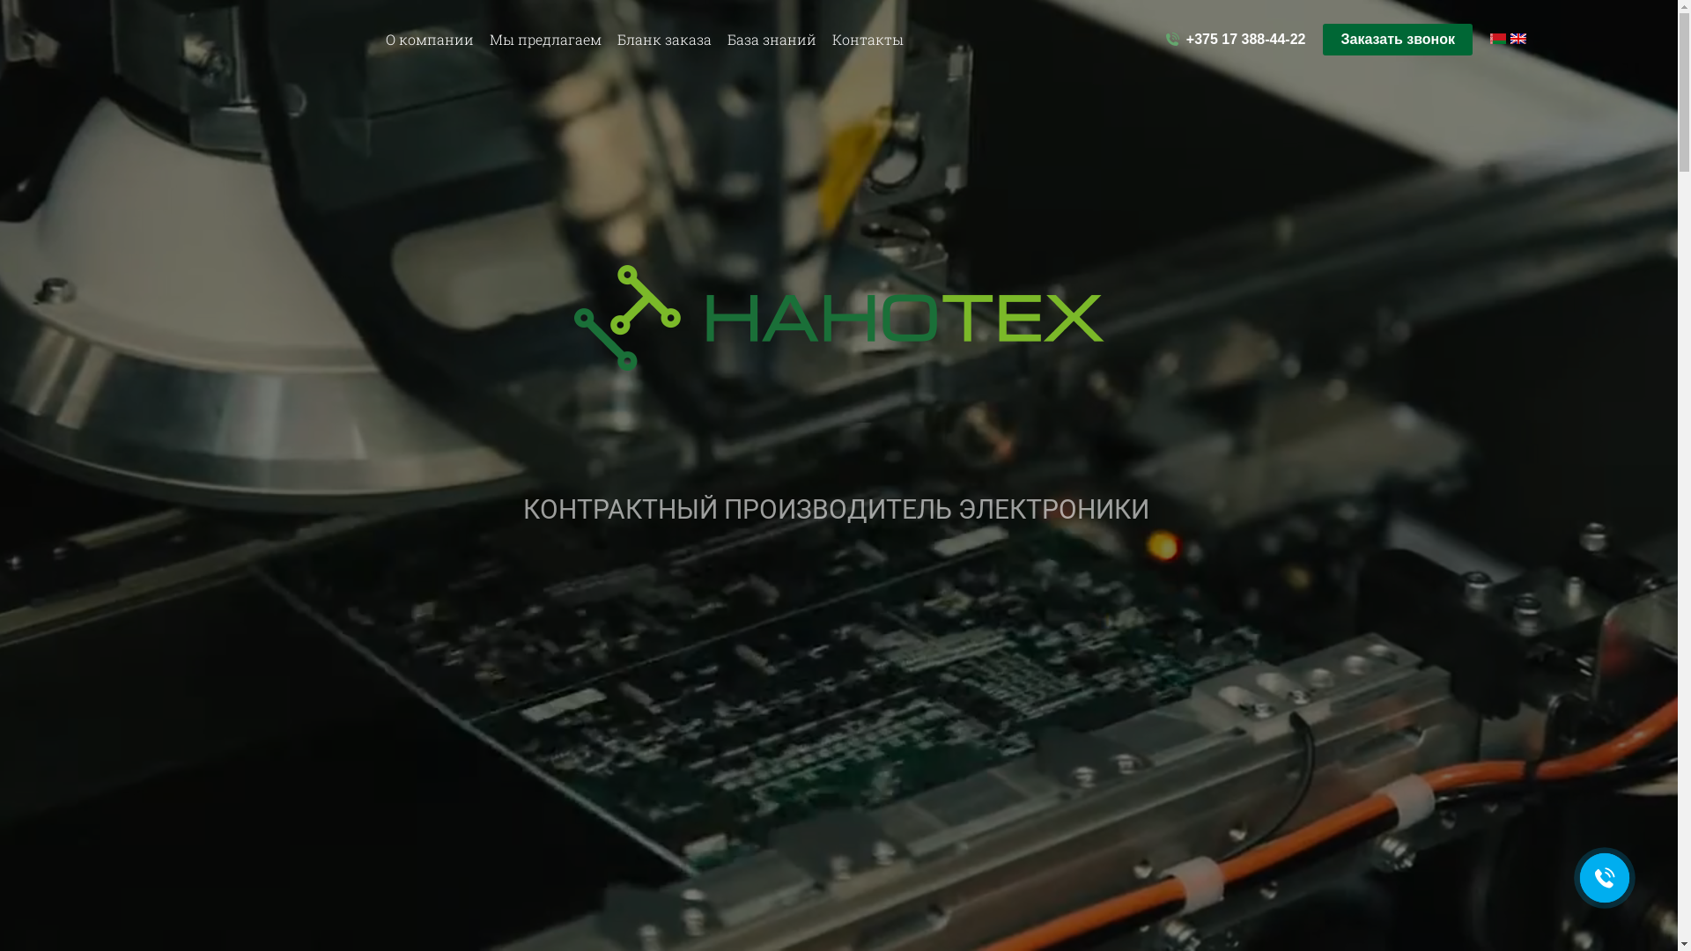  What do you see at coordinates (1233, 40) in the screenshot?
I see `'+375 17 388-44-22'` at bounding box center [1233, 40].